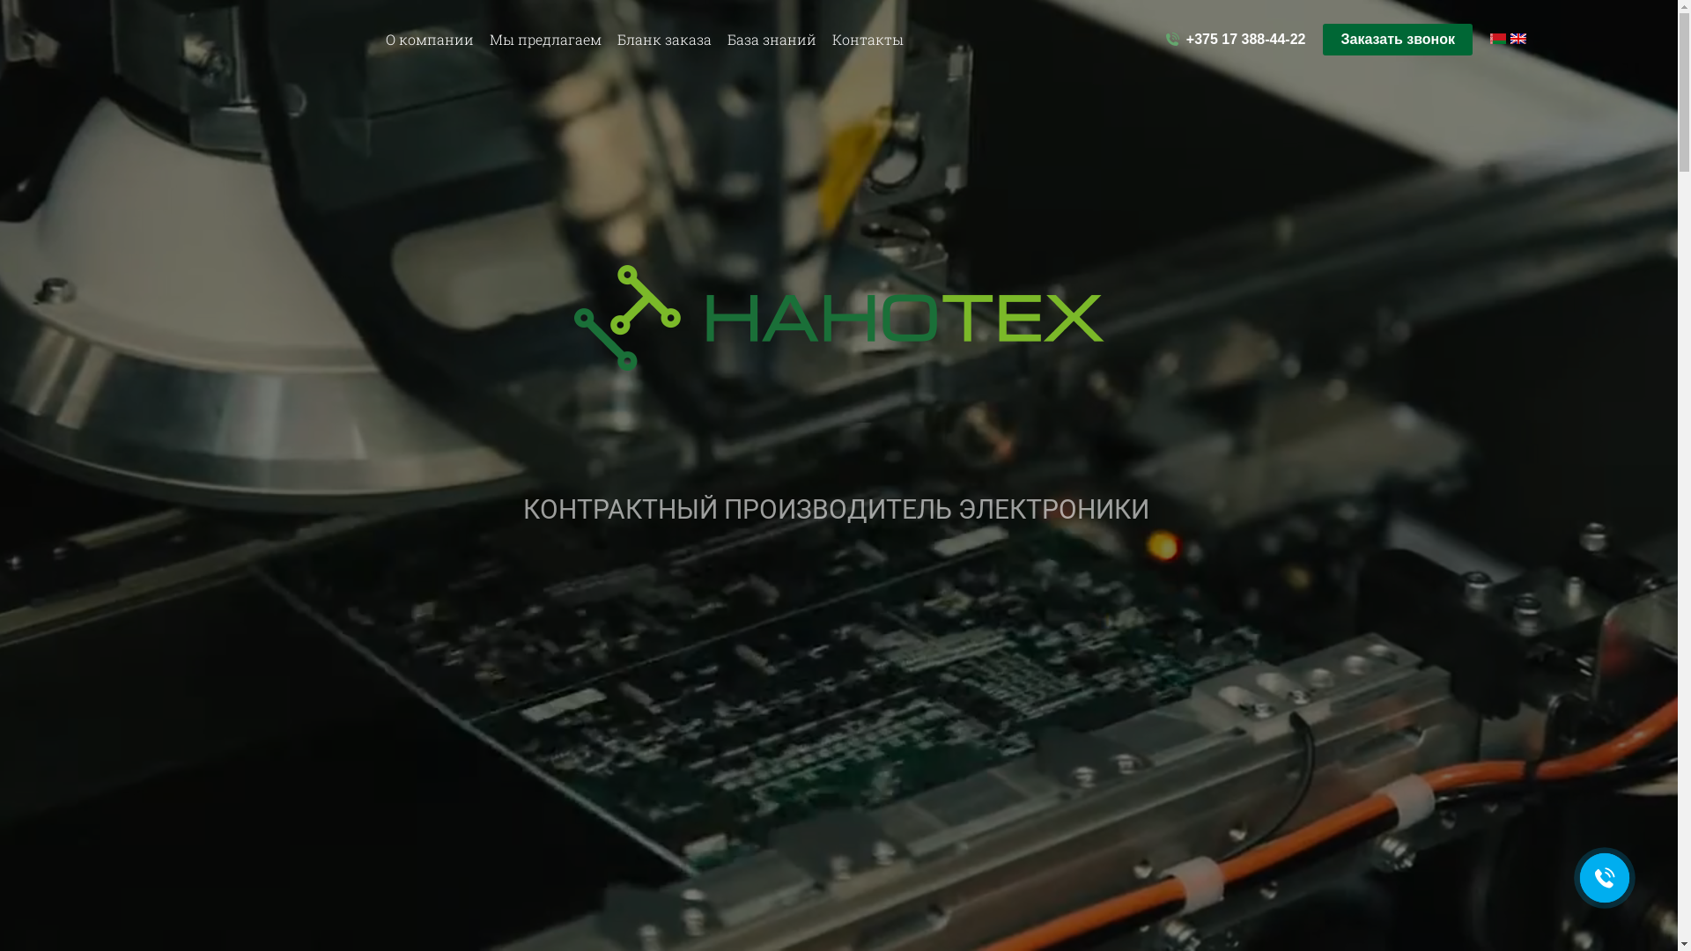  What do you see at coordinates (1233, 40) in the screenshot?
I see `'+375 17 388-44-22'` at bounding box center [1233, 40].